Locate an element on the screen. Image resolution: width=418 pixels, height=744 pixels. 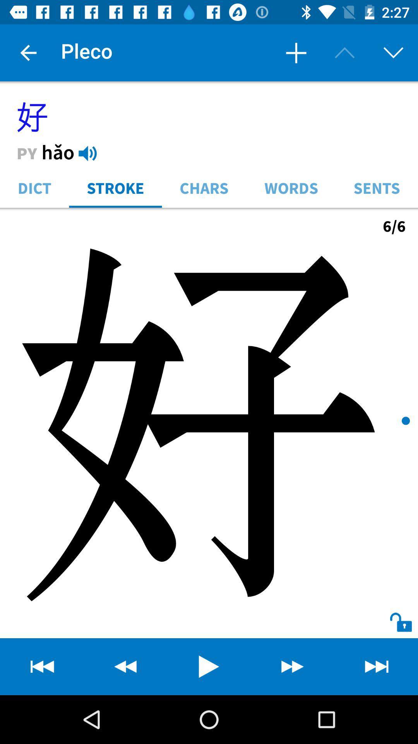
the lock icon is located at coordinates (394, 615).